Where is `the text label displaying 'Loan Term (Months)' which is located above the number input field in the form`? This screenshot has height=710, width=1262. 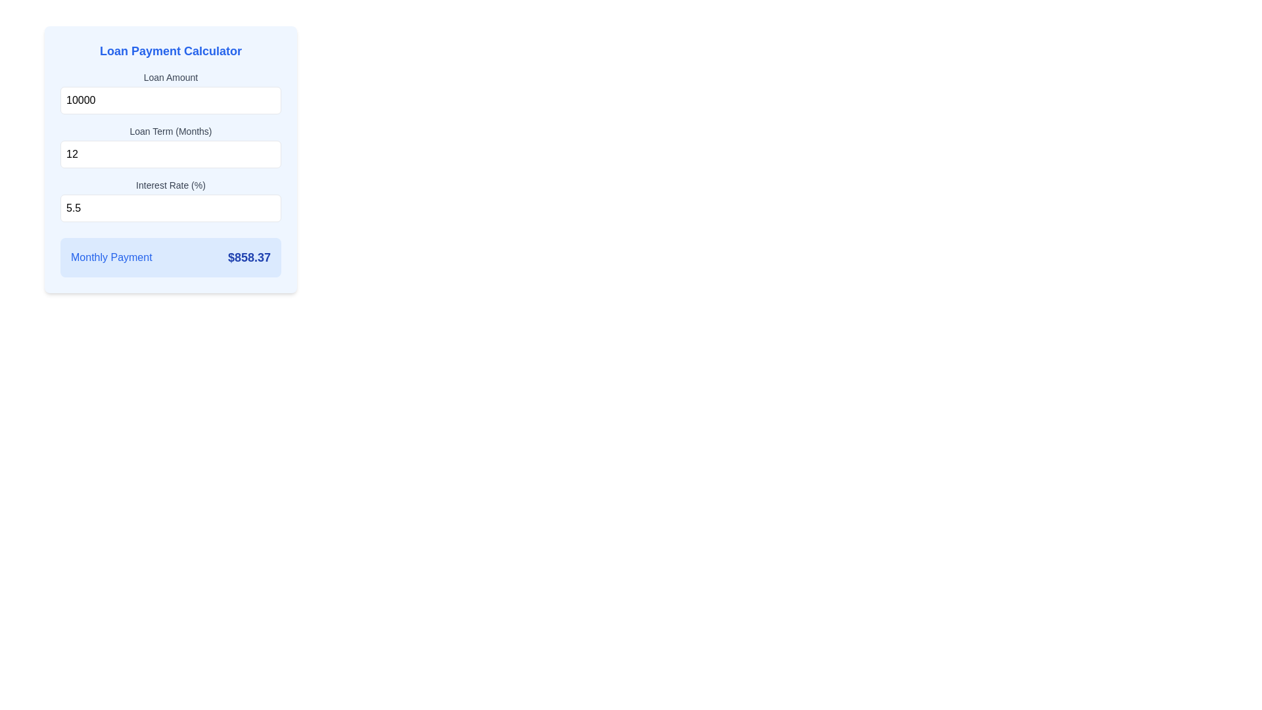
the text label displaying 'Loan Term (Months)' which is located above the number input field in the form is located at coordinates (170, 131).